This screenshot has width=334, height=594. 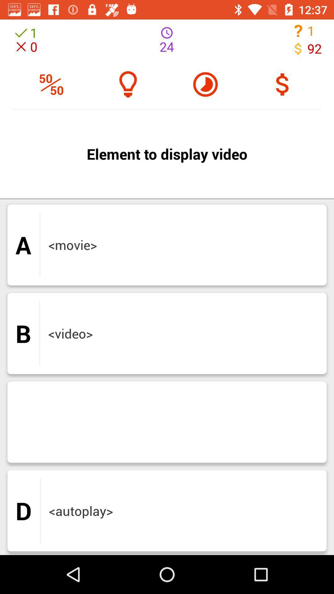 What do you see at coordinates (128, 84) in the screenshot?
I see `the microphone icon` at bounding box center [128, 84].